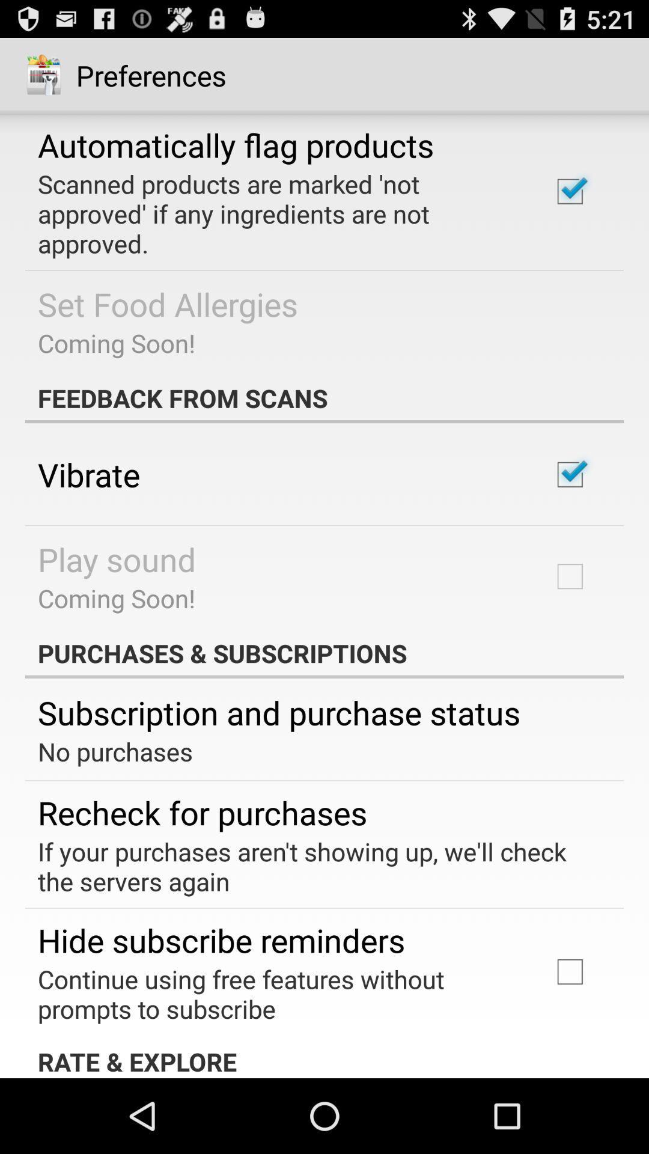 The image size is (649, 1154). What do you see at coordinates (315, 866) in the screenshot?
I see `if your purchases item` at bounding box center [315, 866].